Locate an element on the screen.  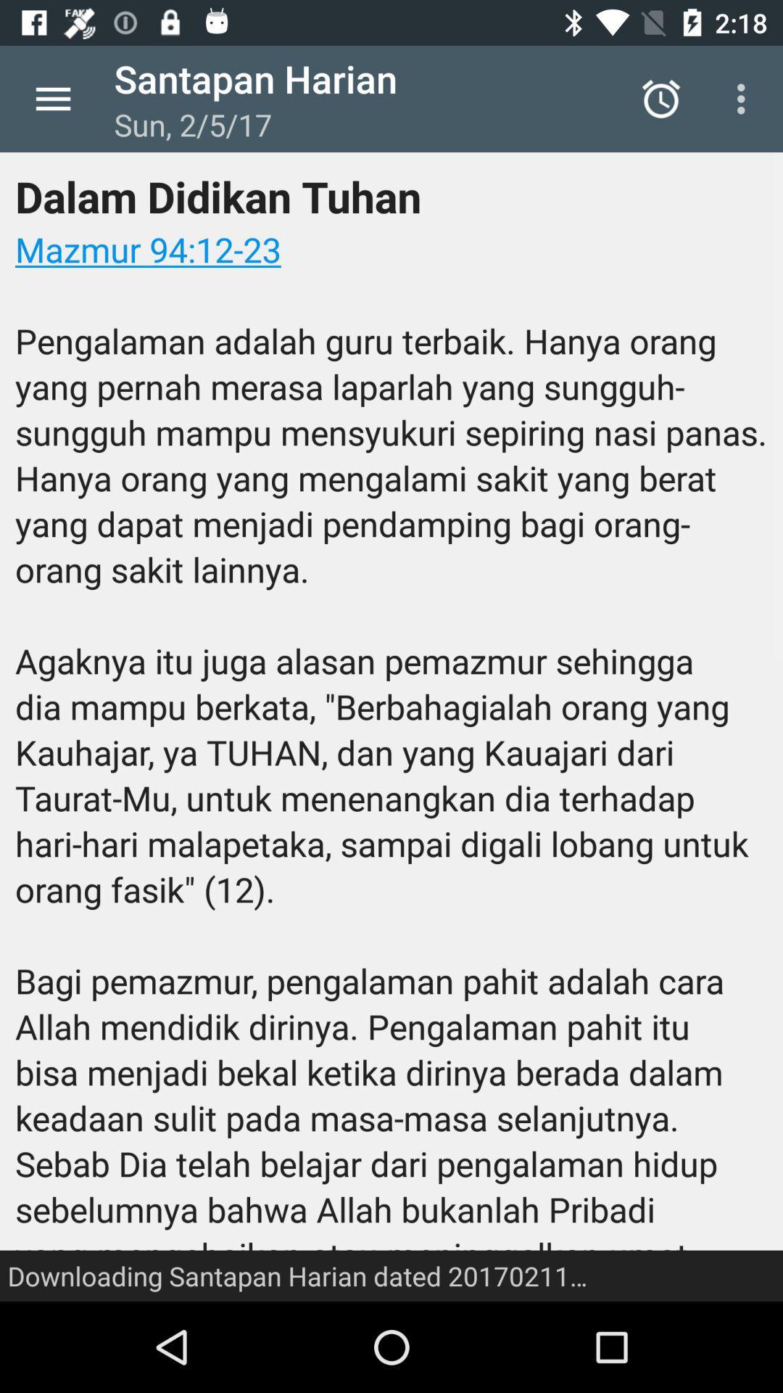
the icon to the right of santapan harian is located at coordinates (660, 98).